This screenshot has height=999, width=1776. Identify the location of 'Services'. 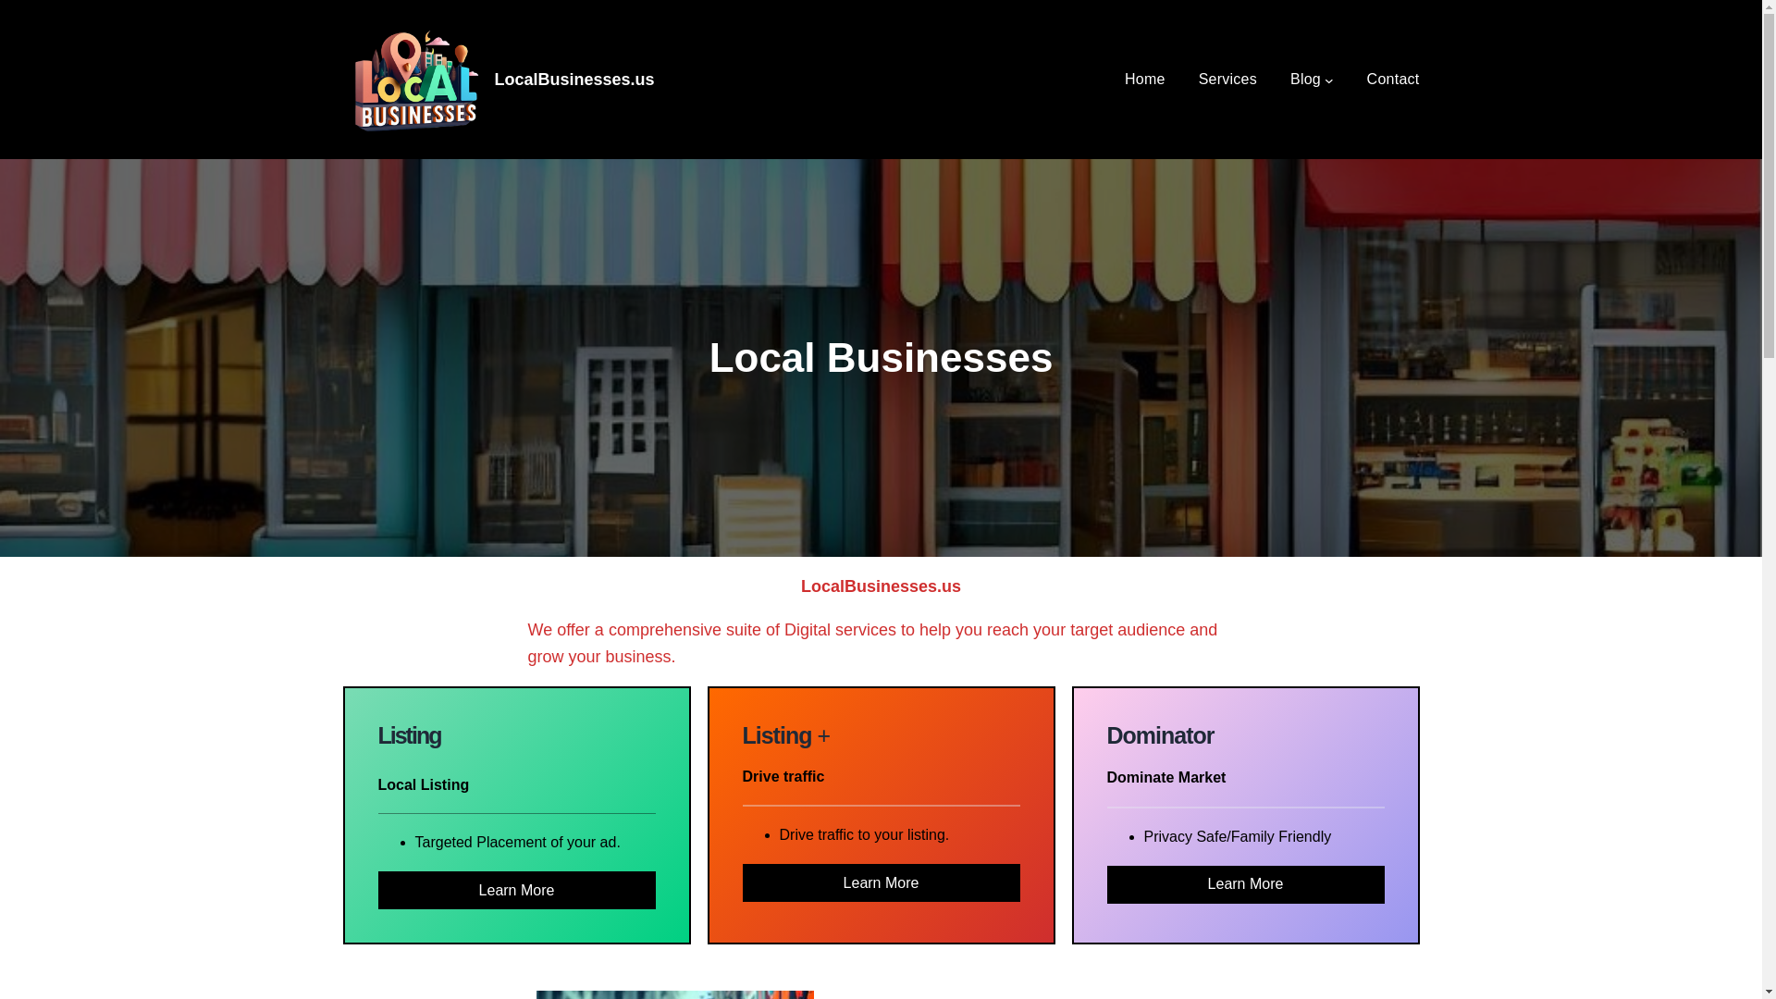
(1227, 78).